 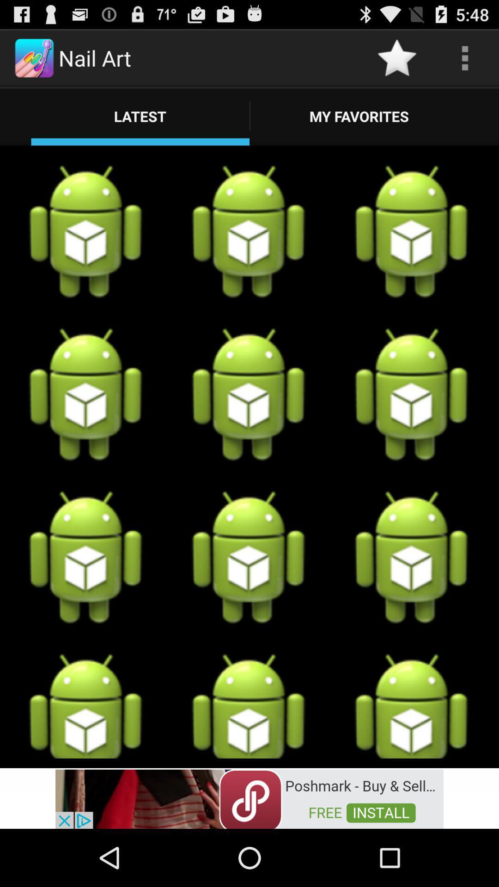 What do you see at coordinates (249, 798) in the screenshot?
I see `advertisement` at bounding box center [249, 798].